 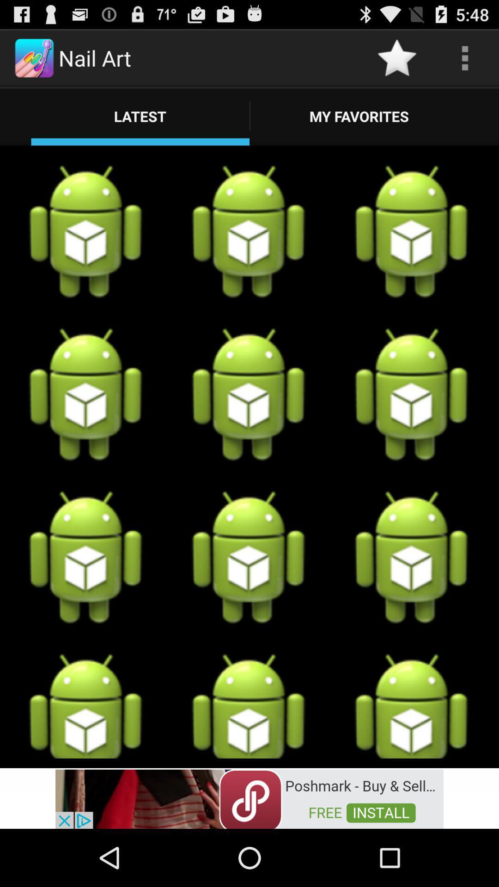 What do you see at coordinates (249, 798) in the screenshot?
I see `advertisement` at bounding box center [249, 798].